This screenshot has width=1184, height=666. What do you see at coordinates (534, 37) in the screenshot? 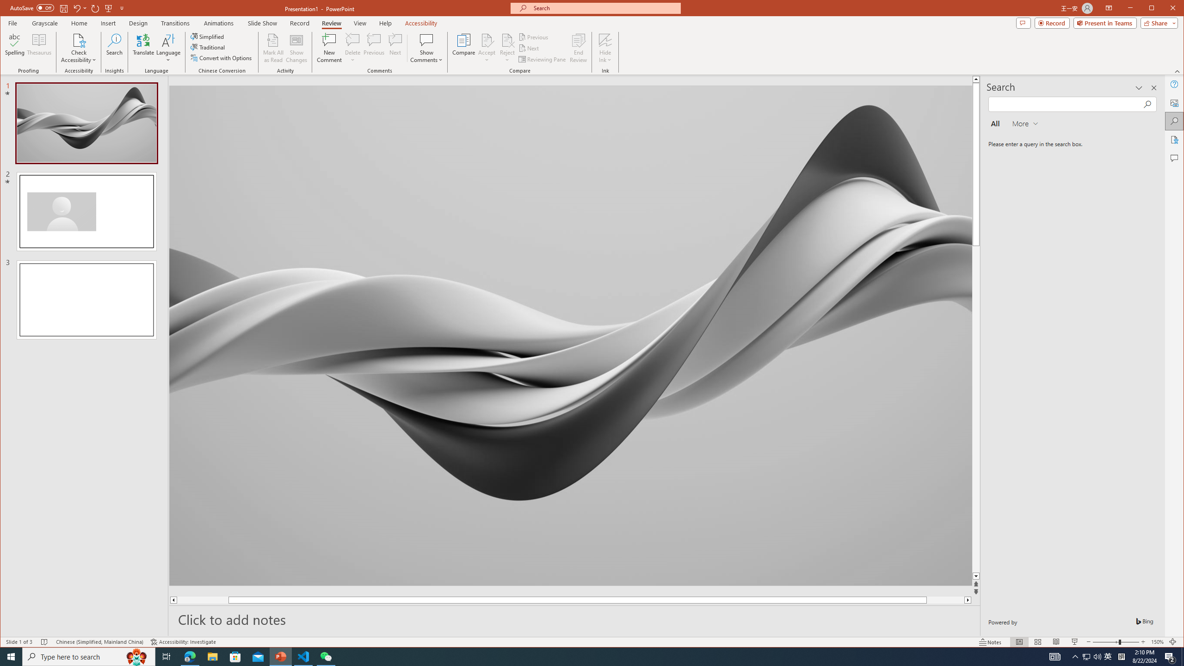
I see `'Previous'` at bounding box center [534, 37].